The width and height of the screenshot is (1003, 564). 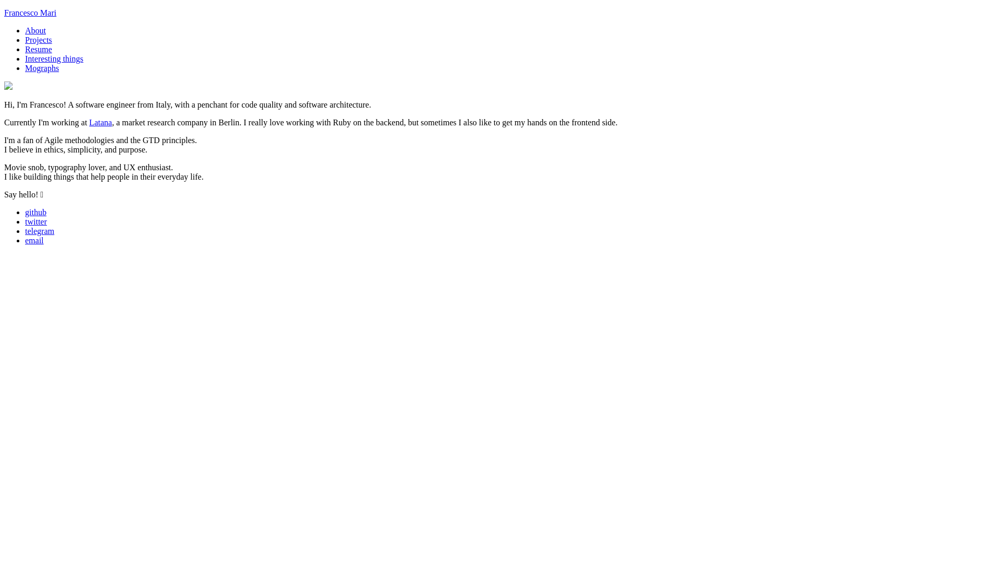 What do you see at coordinates (36, 211) in the screenshot?
I see `'github'` at bounding box center [36, 211].